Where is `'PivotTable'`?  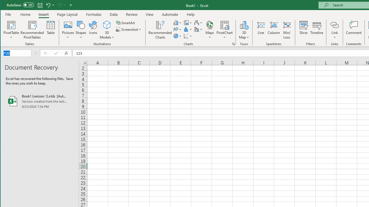 'PivotTable' is located at coordinates (11, 30).